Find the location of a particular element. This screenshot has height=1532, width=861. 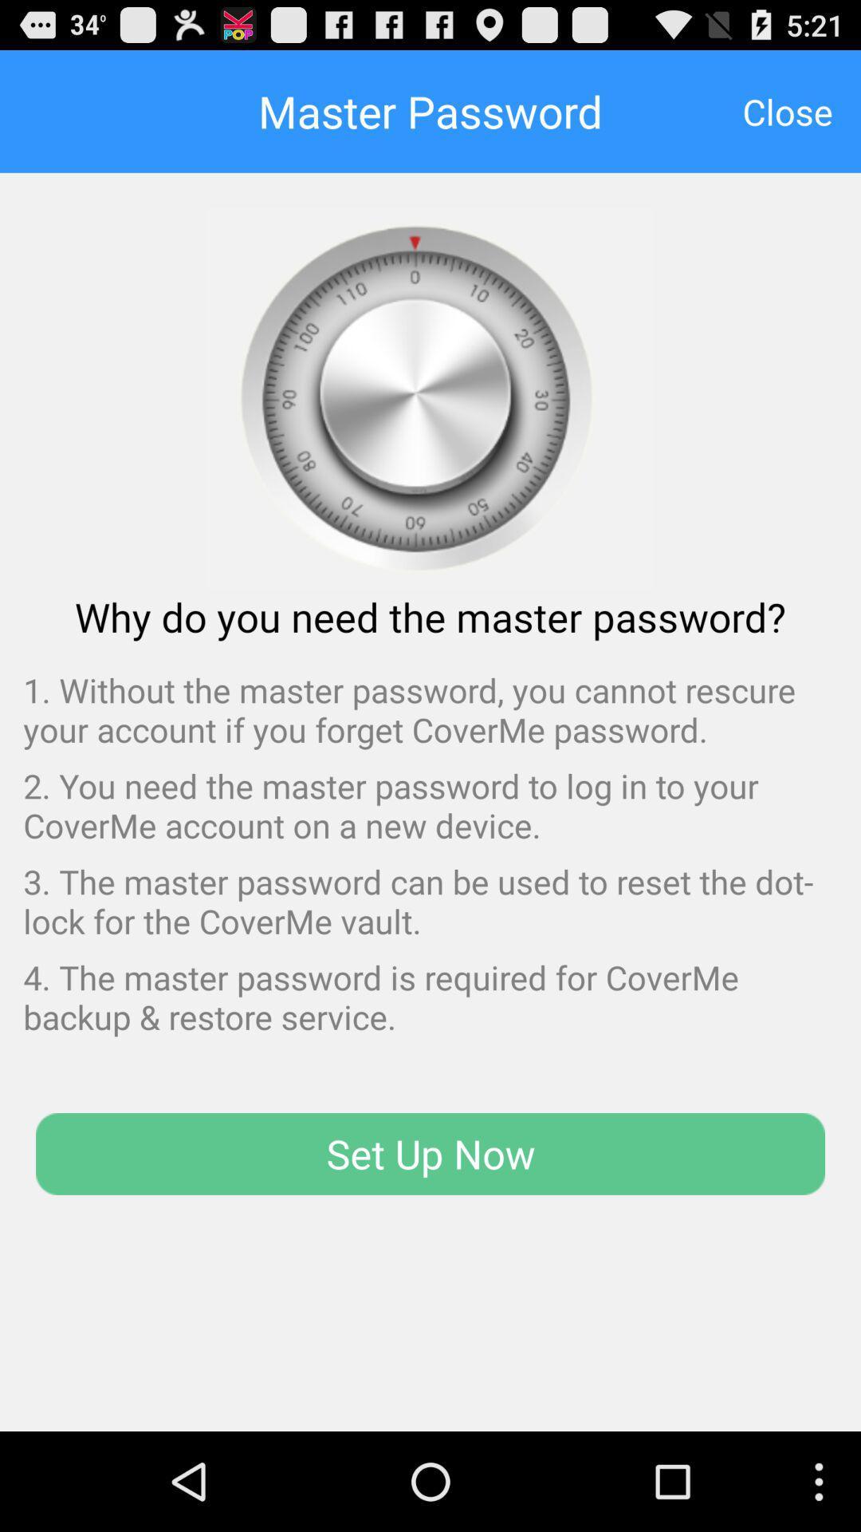

close item is located at coordinates (787, 110).